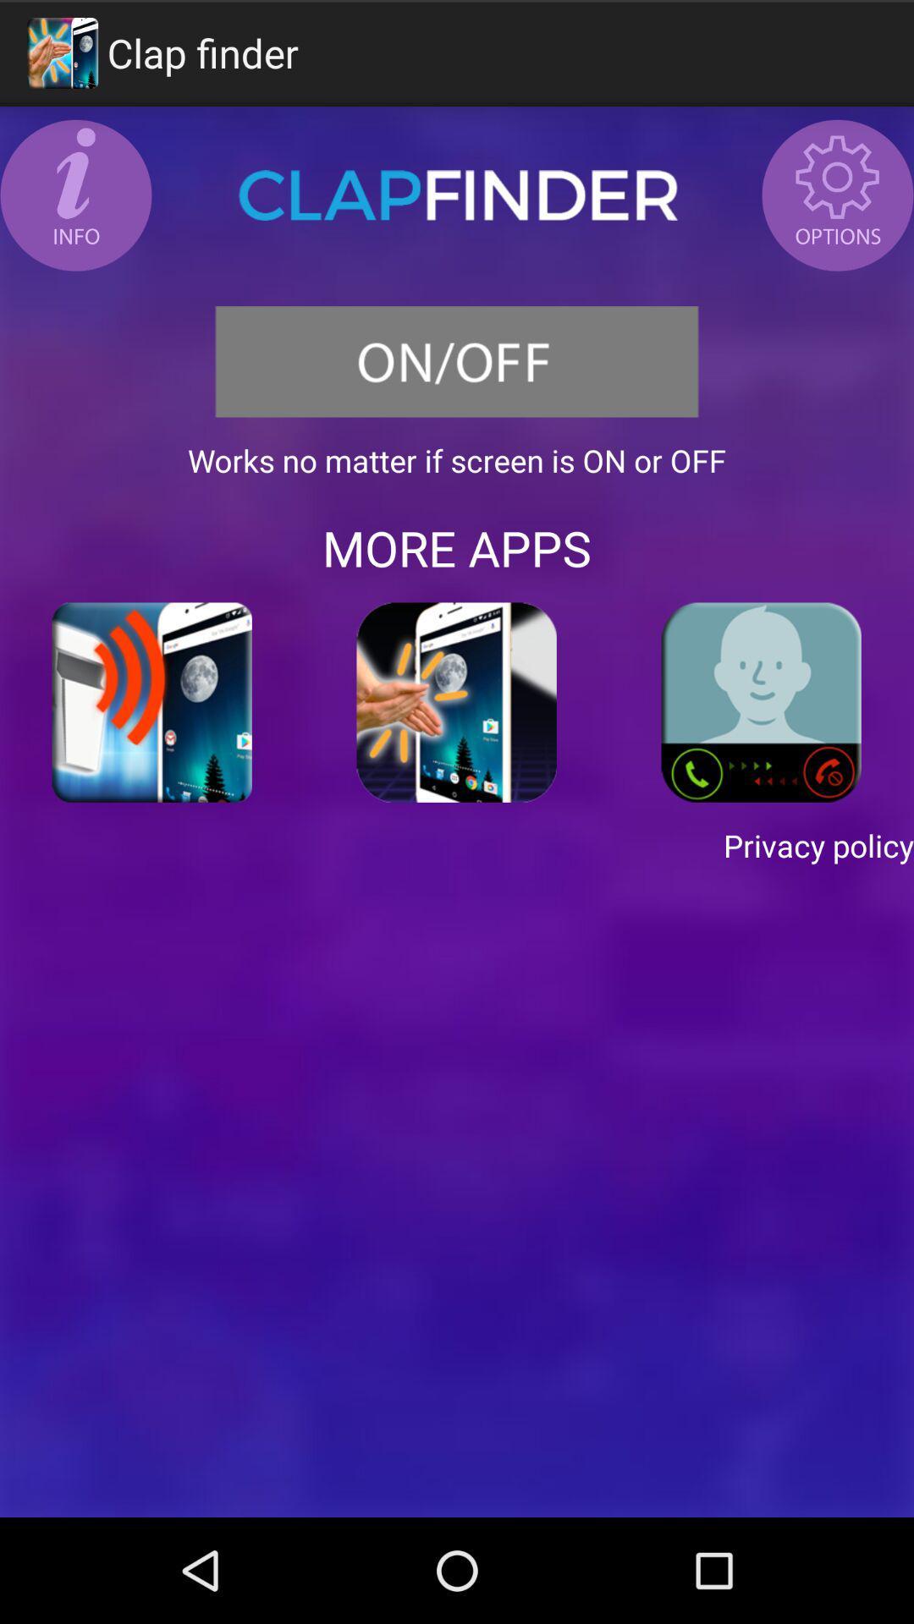  I want to click on share the video, so click(152, 702).